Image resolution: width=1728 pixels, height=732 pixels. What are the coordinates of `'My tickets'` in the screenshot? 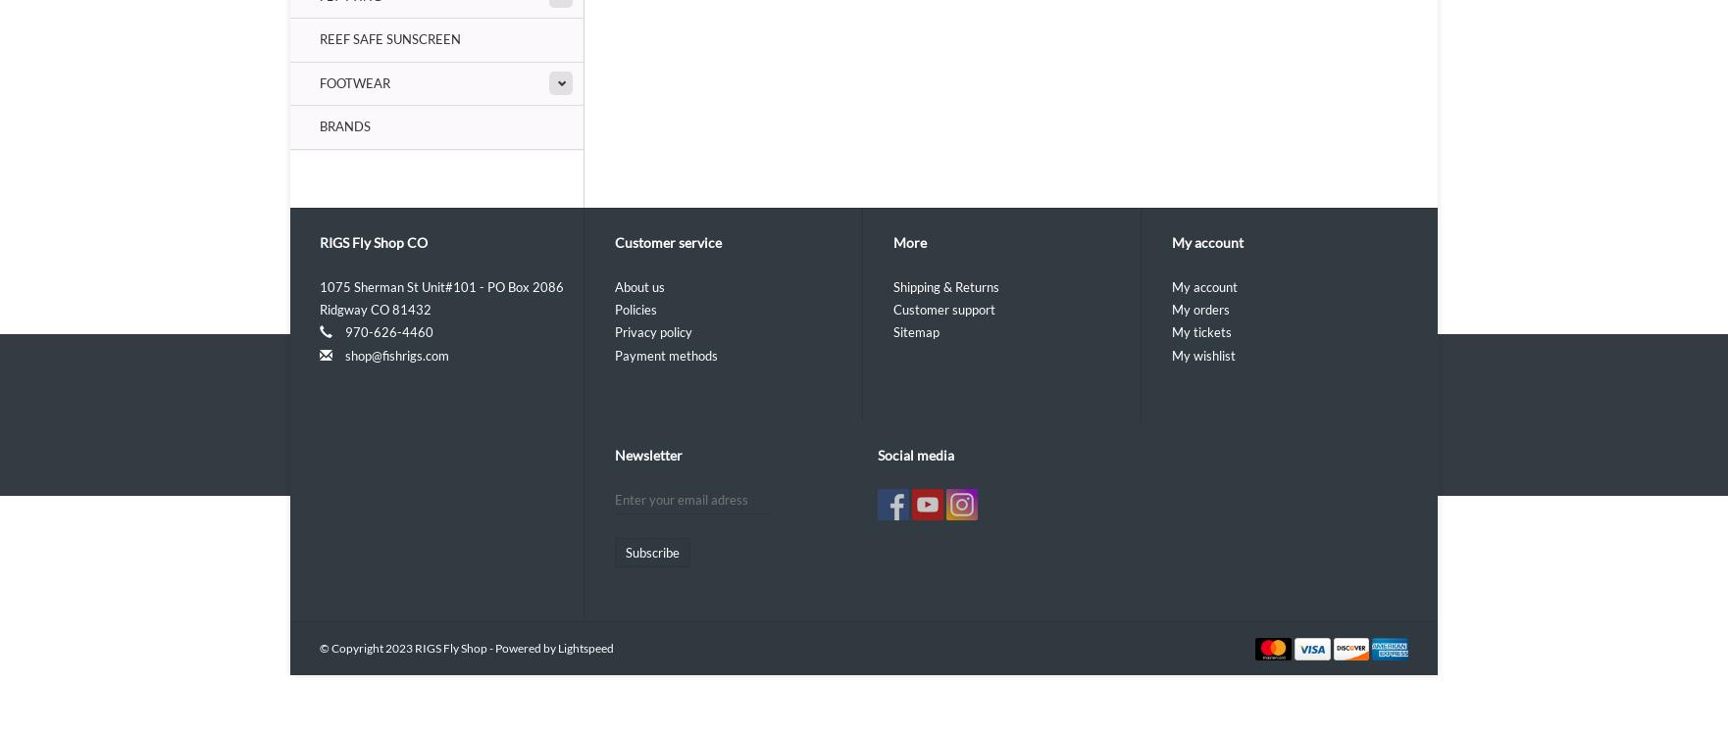 It's located at (1201, 331).